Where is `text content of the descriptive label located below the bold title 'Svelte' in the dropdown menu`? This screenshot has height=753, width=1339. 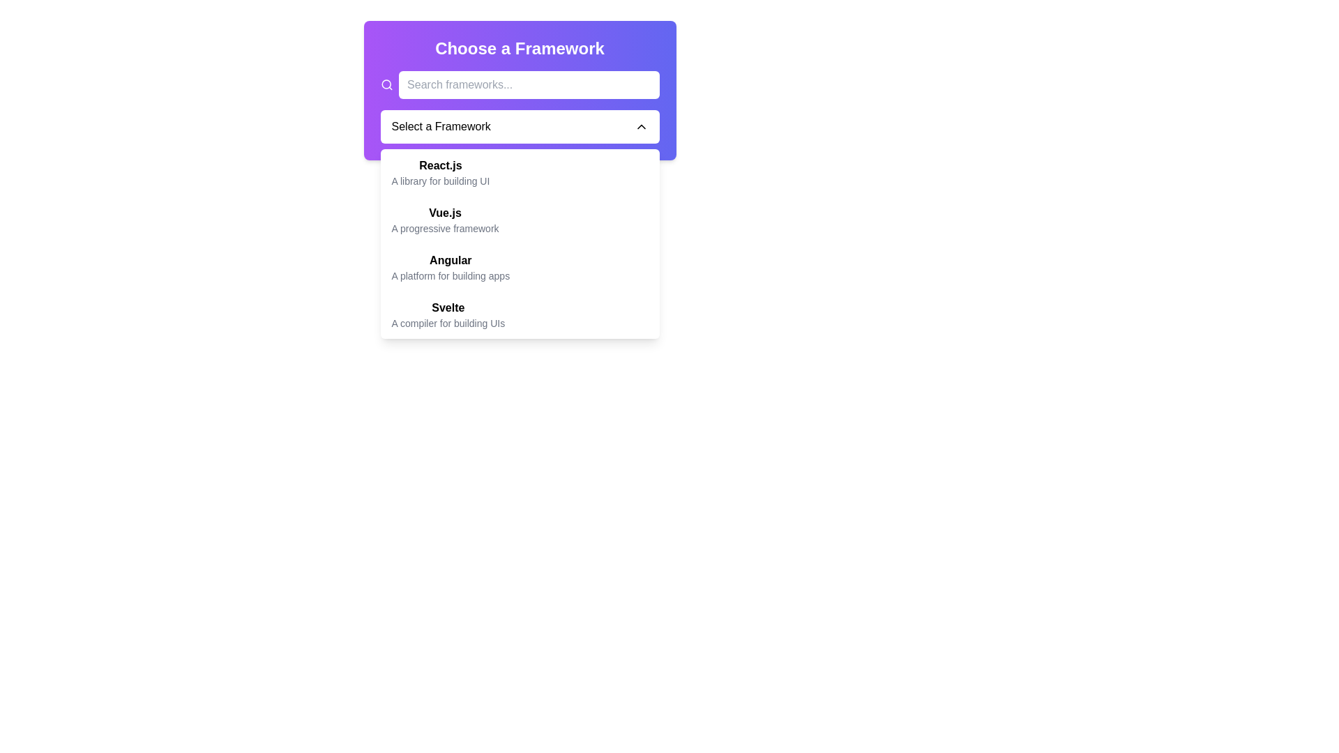
text content of the descriptive label located below the bold title 'Svelte' in the dropdown menu is located at coordinates (448, 323).